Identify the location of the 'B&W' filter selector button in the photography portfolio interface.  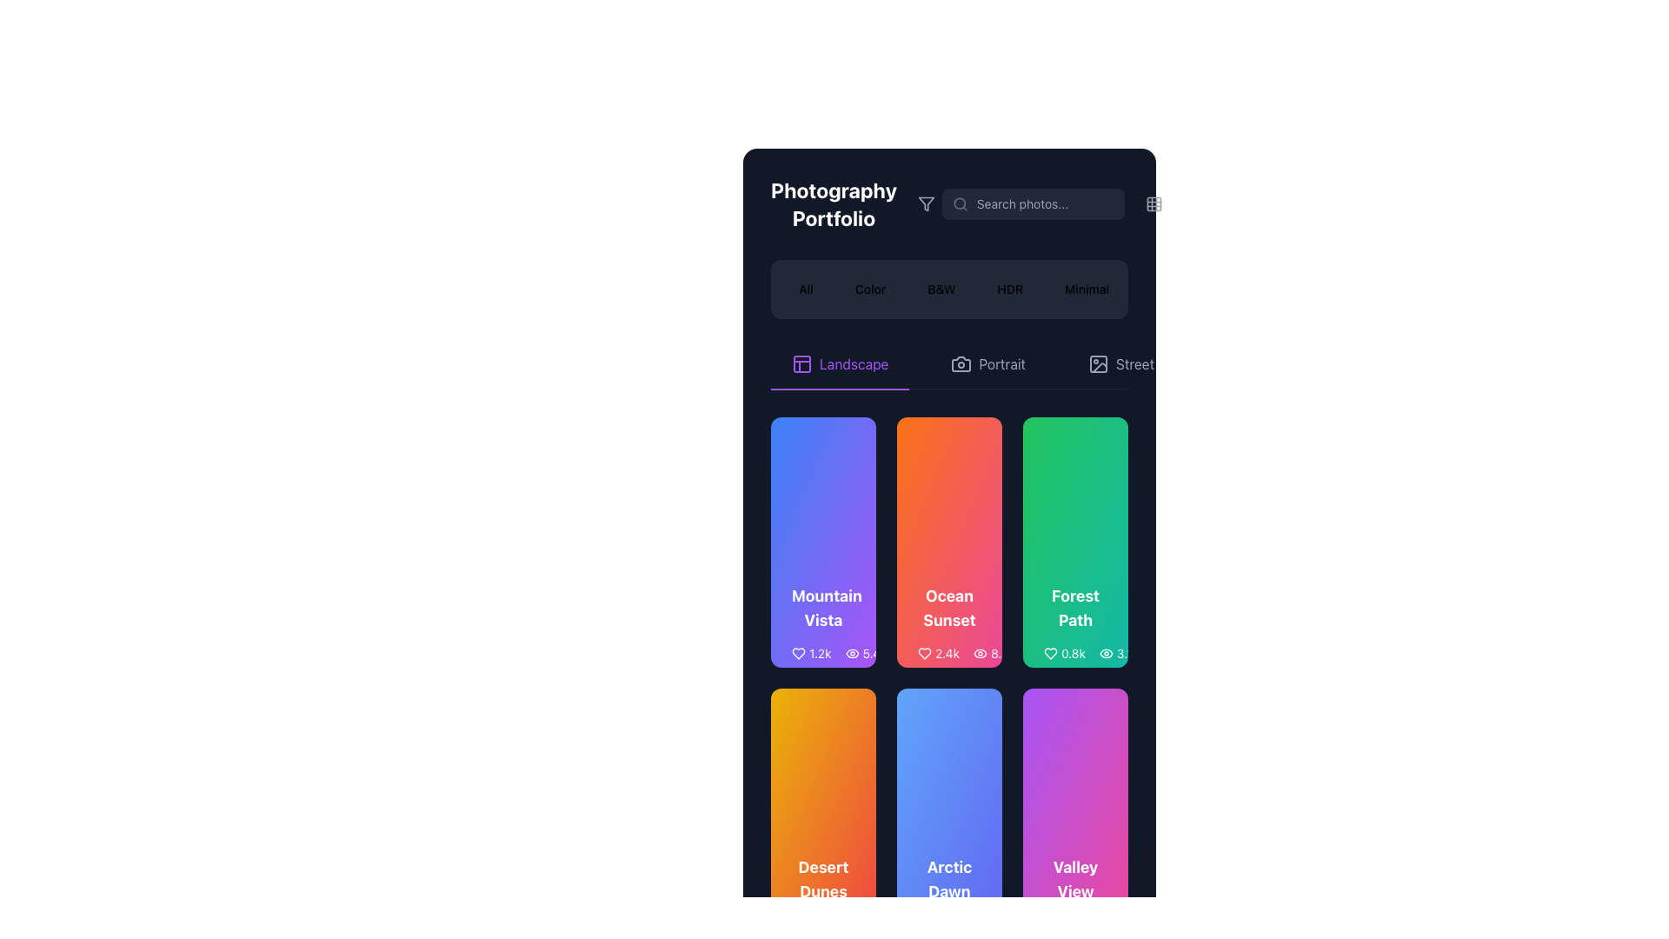
(941, 288).